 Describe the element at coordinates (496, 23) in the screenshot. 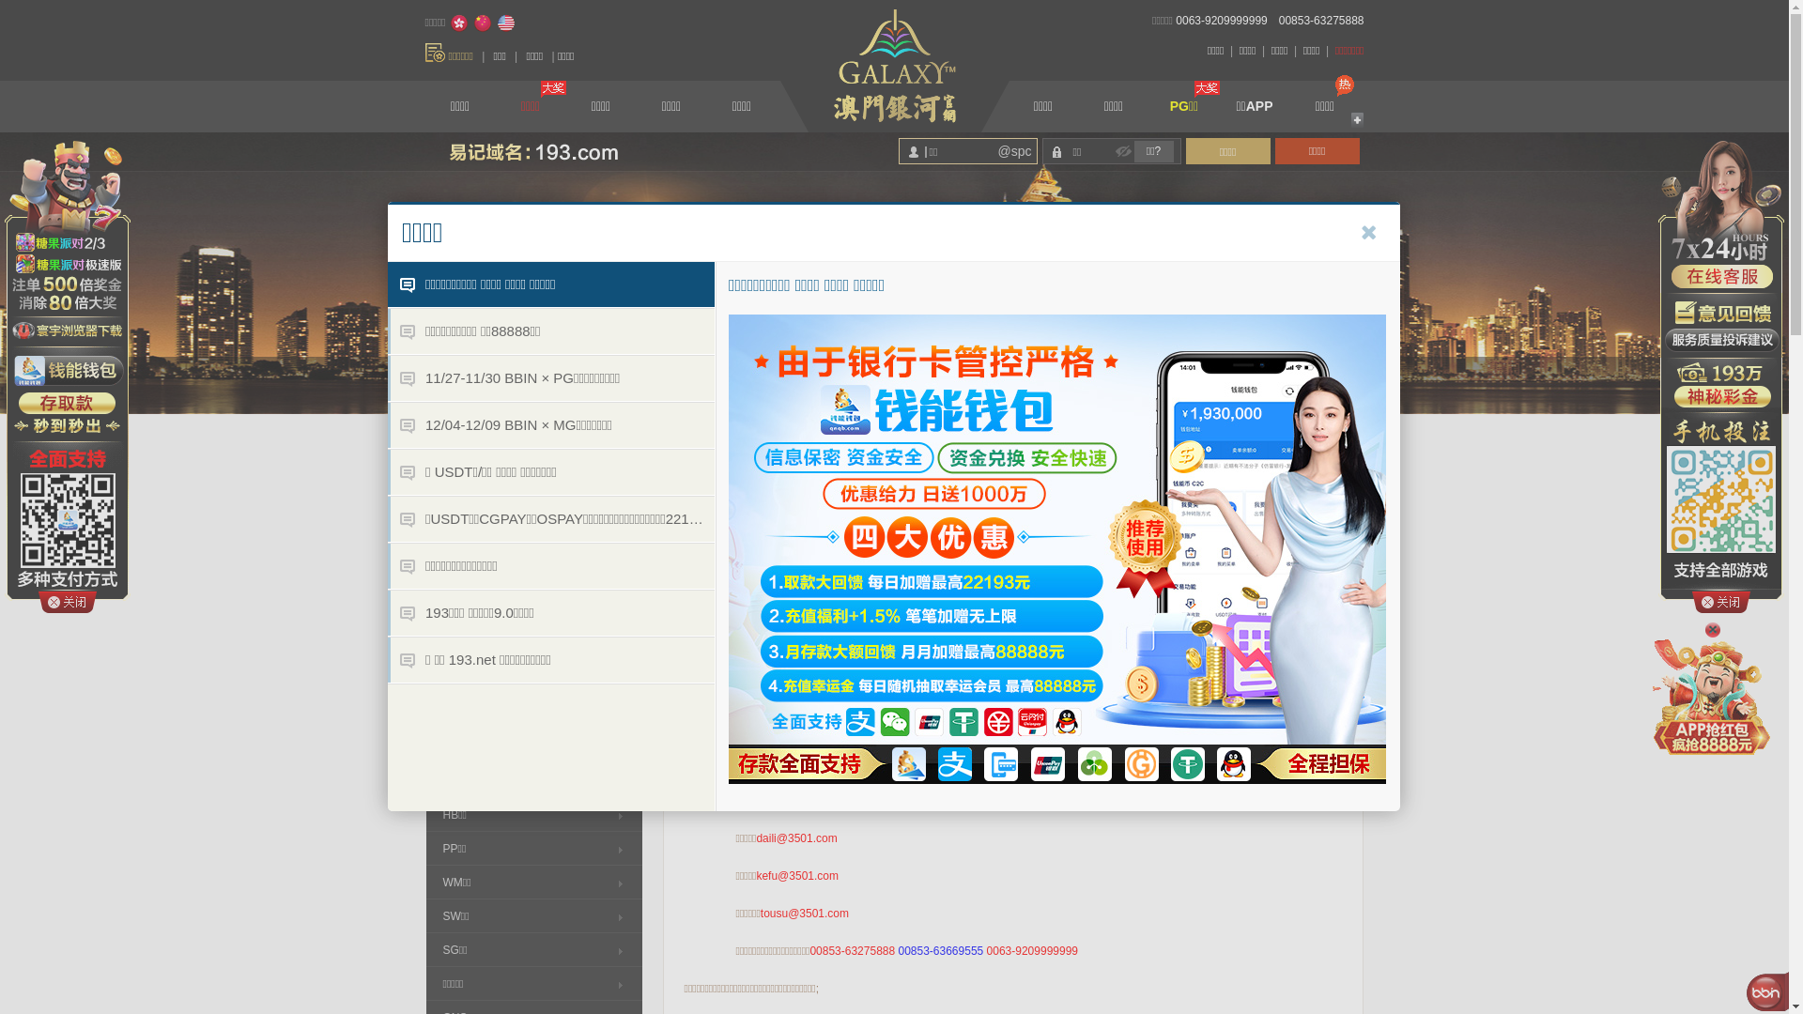

I see `'English'` at that location.